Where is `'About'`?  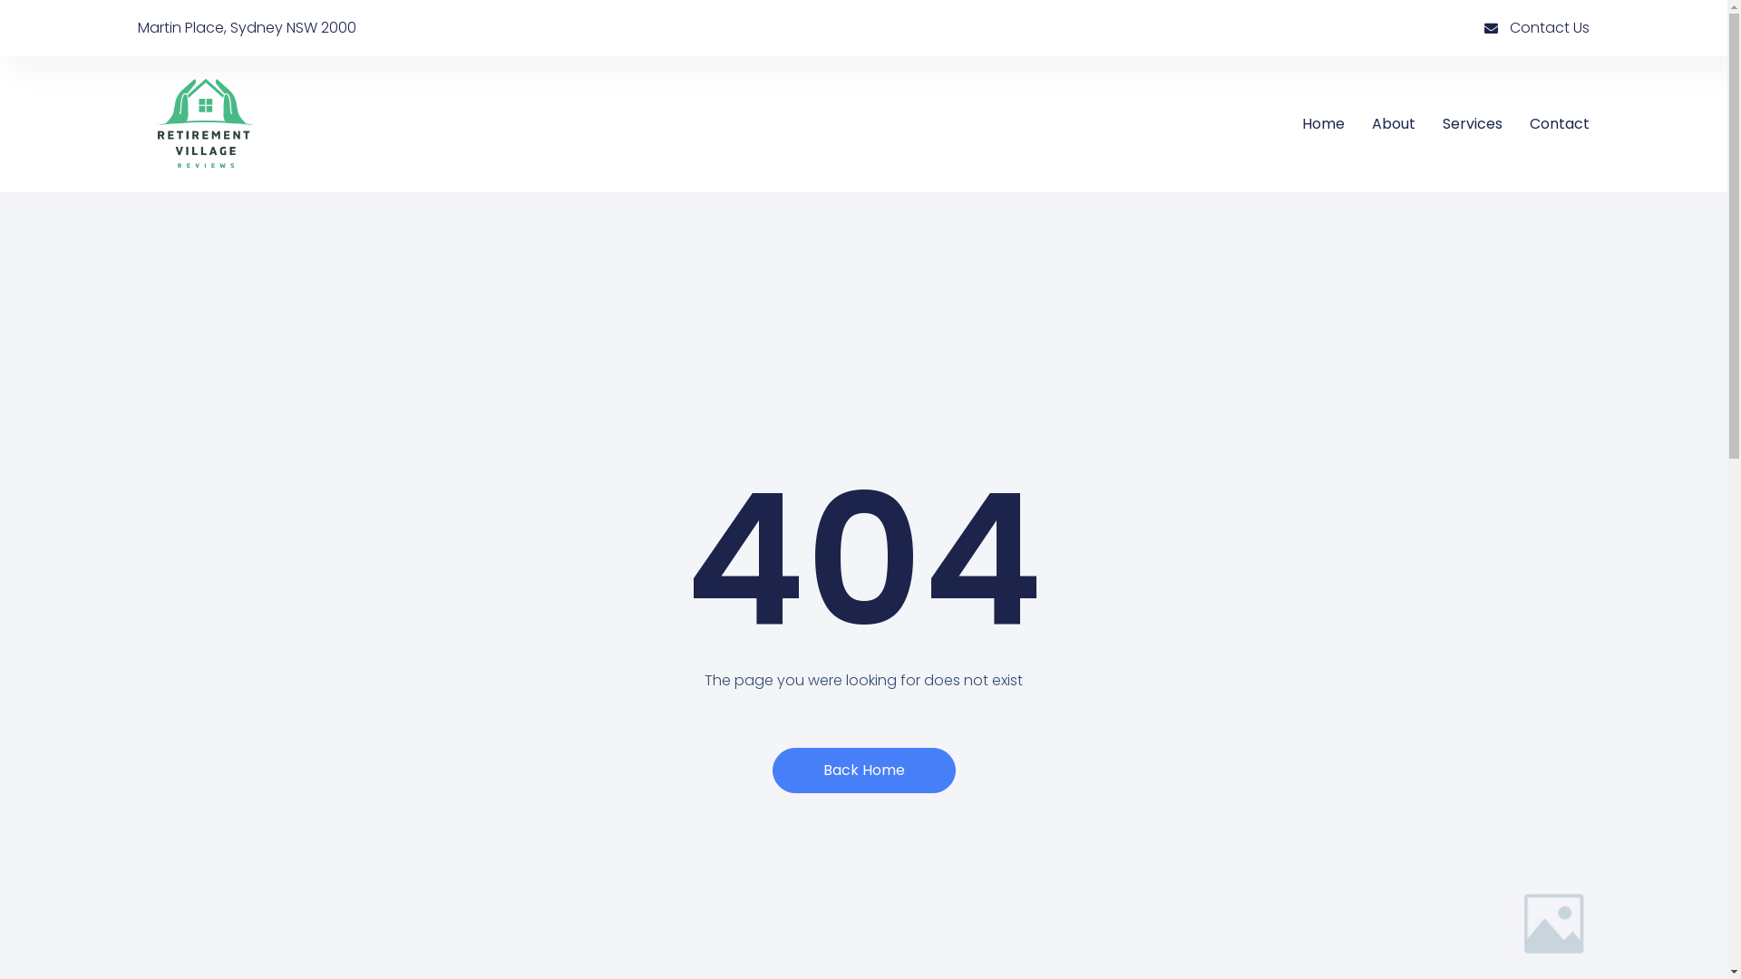
'About' is located at coordinates (1392, 123).